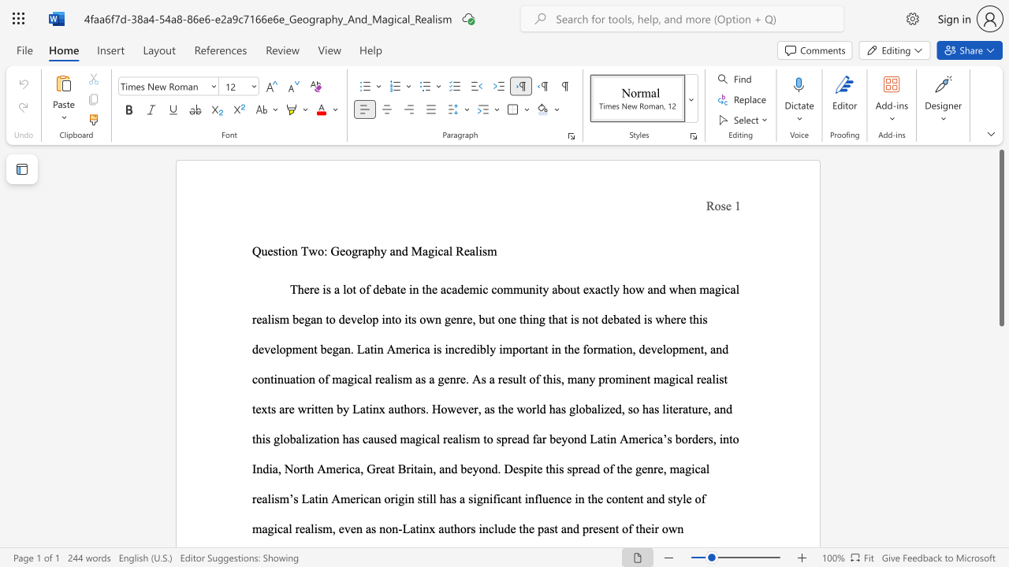  What do you see at coordinates (288, 250) in the screenshot?
I see `the 1th character "o" in the text` at bounding box center [288, 250].